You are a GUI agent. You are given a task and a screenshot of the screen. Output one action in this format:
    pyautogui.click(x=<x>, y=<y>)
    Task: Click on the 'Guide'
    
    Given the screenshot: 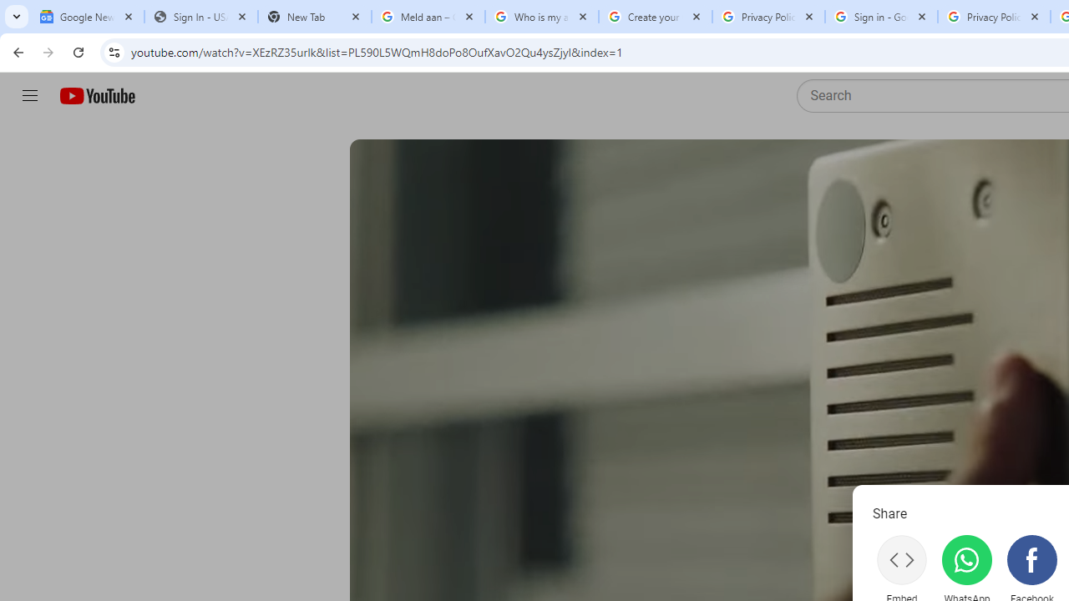 What is the action you would take?
    pyautogui.click(x=29, y=96)
    